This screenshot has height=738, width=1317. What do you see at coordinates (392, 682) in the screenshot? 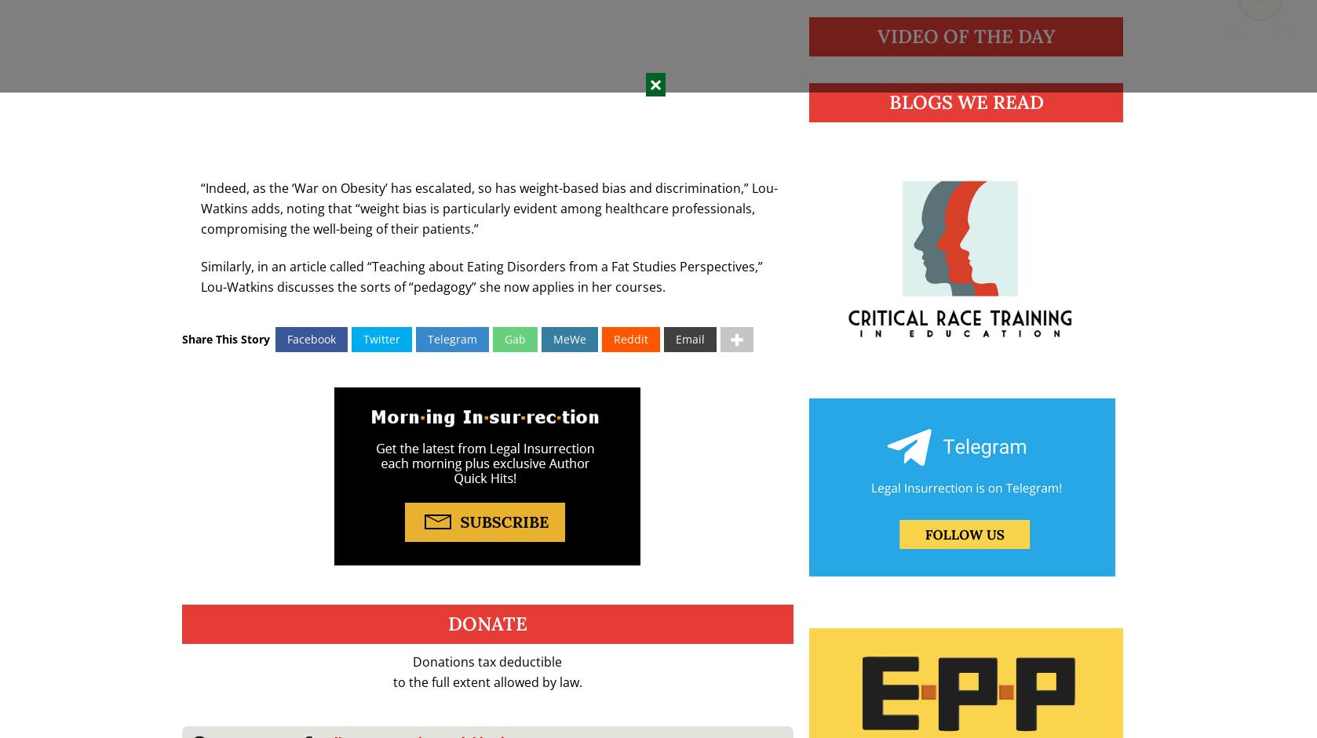
I see `'to the full extent allowed by law.'` at bounding box center [392, 682].